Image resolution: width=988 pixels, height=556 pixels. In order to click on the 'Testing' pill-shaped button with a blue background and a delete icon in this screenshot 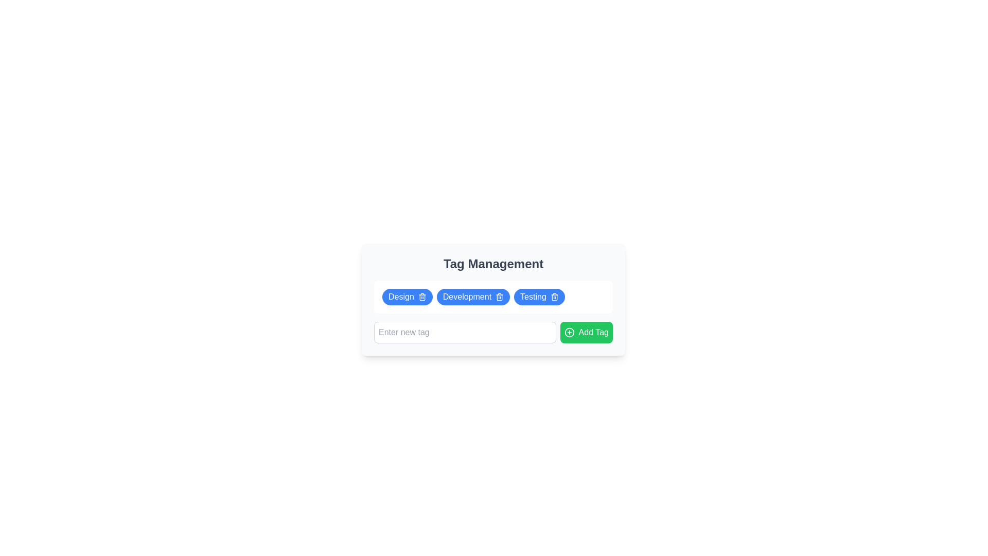, I will do `click(539, 297)`.